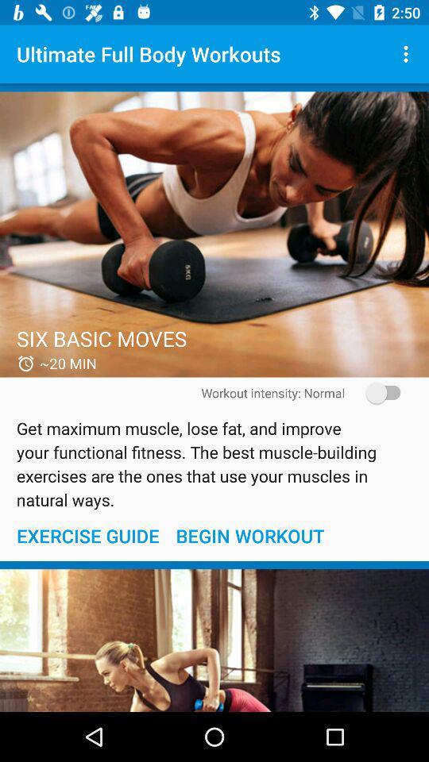 This screenshot has height=762, width=429. Describe the element at coordinates (408, 54) in the screenshot. I see `the icon to the right of ultimate full body app` at that location.